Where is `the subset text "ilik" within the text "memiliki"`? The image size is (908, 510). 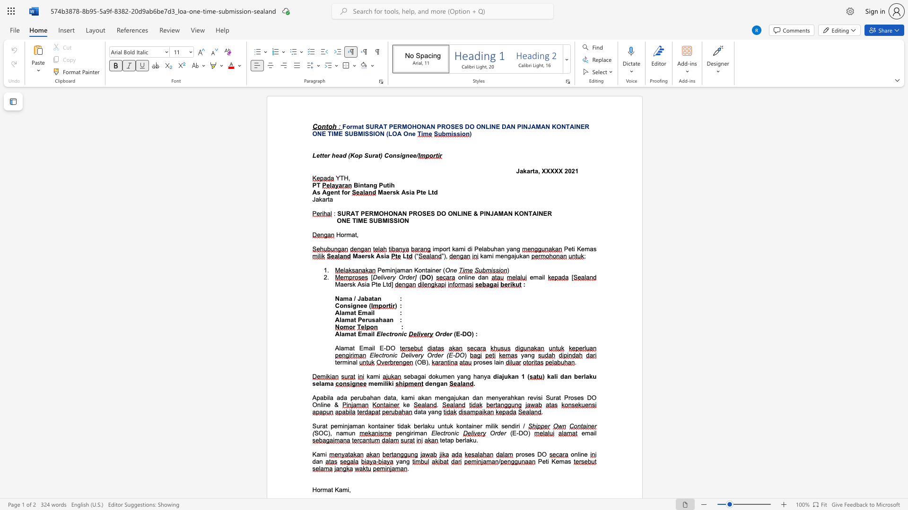
the subset text "ilik" within the text "memiliki" is located at coordinates (383, 383).